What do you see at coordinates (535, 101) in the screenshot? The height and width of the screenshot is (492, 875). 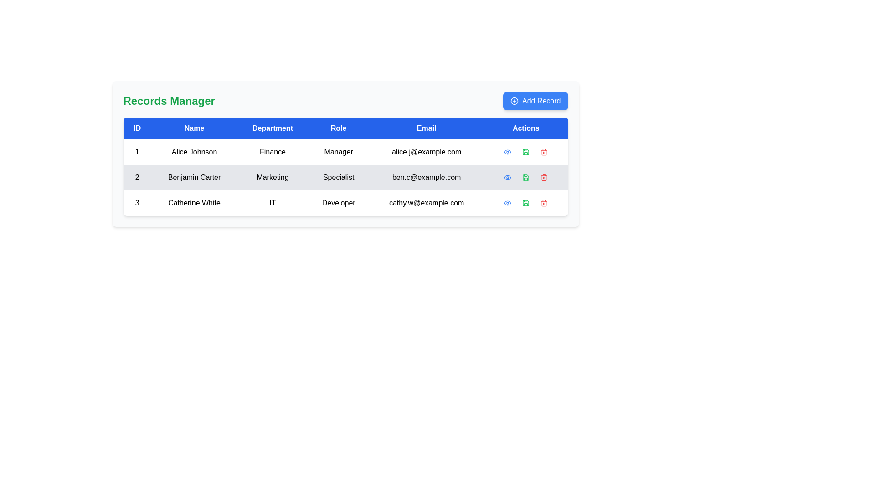 I see `the 'Add New Record' button located at the top-right corner of the 'Records Manager' interface to initiate adding a record` at bounding box center [535, 101].